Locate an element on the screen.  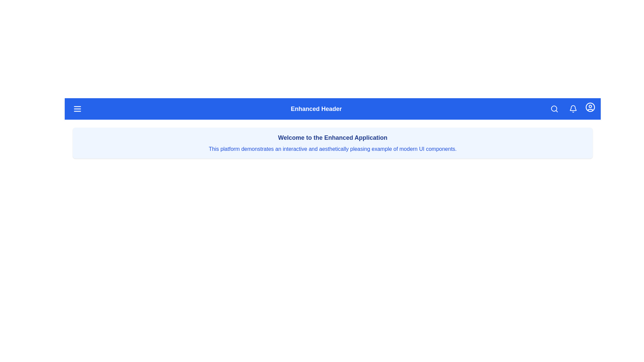
the user profile icon located at the top-right corner of the header is located at coordinates (590, 107).